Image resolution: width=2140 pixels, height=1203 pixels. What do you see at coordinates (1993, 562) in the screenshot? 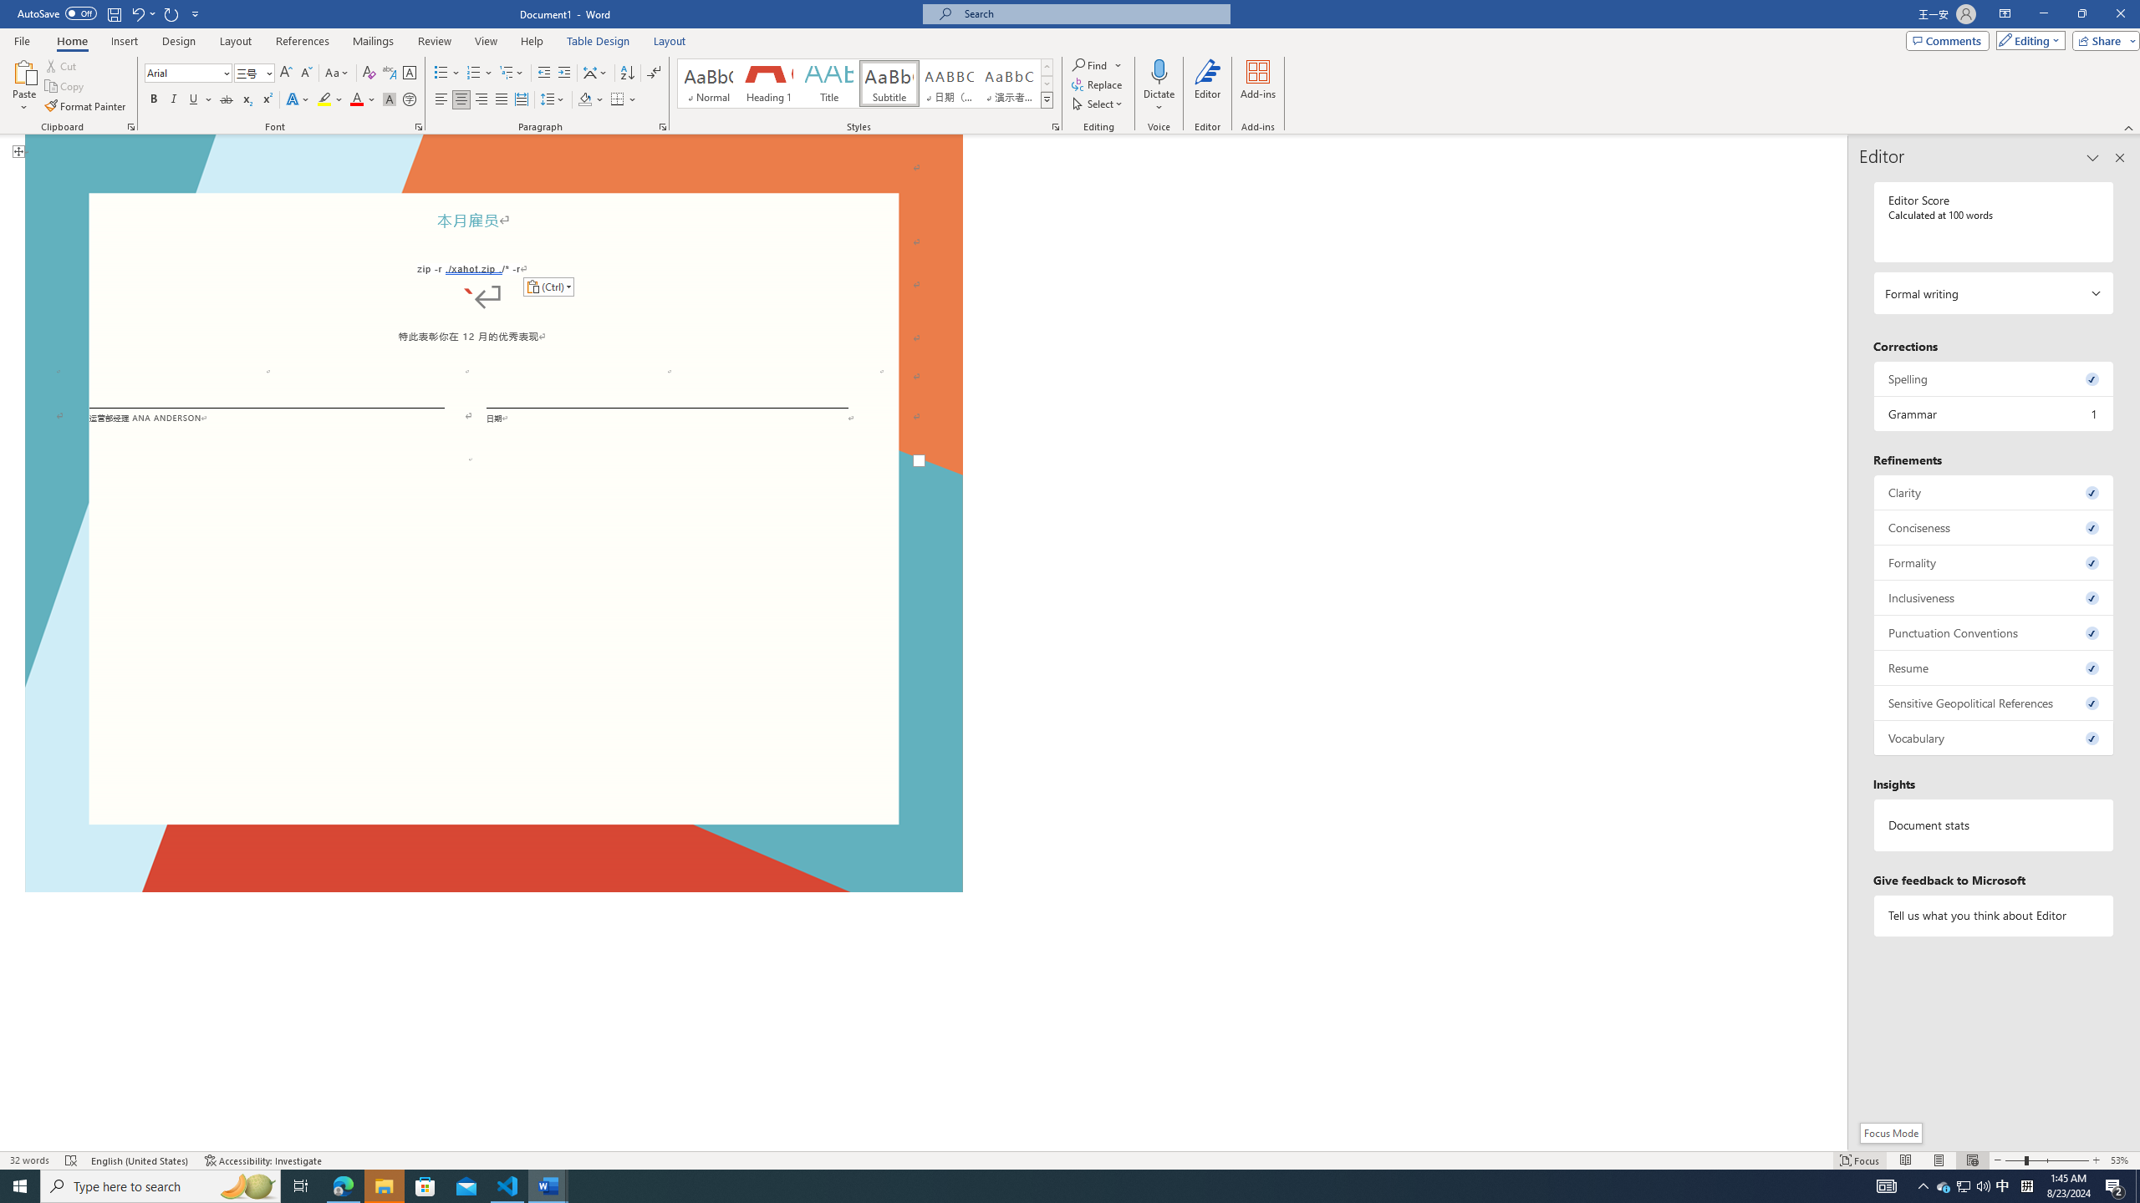
I see `'Formality, 0 issues. Press space or enter to review items.'` at bounding box center [1993, 562].